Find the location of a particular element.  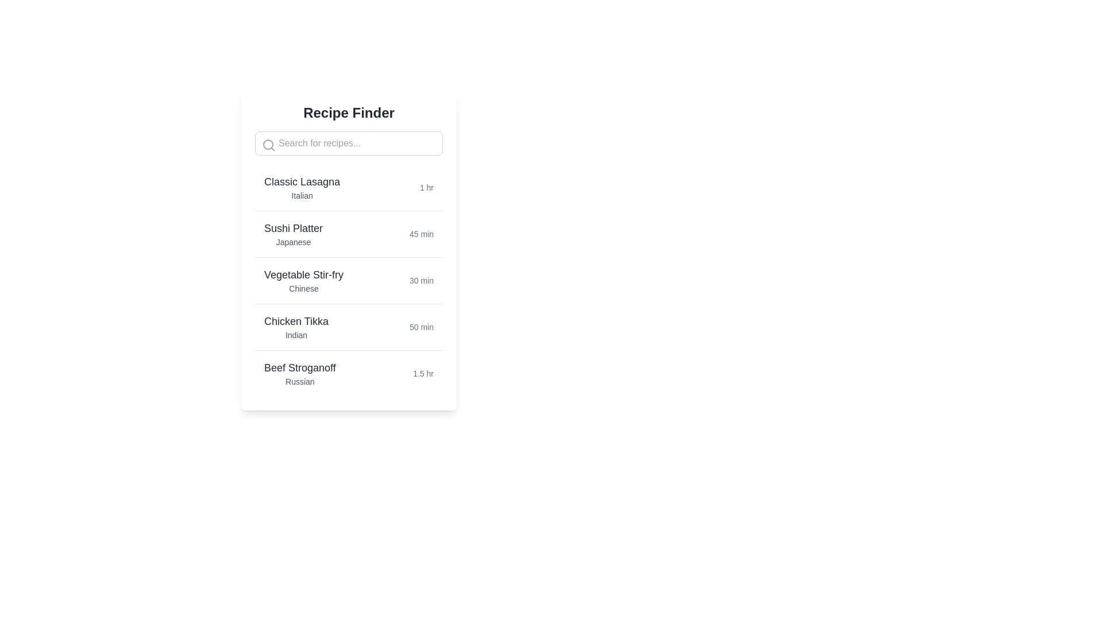

the text label that displays the name of the recipe, which is located near the top of the list, above the 'Italian' subtitle and to the left of the time indicator '1 hr' is located at coordinates (302, 181).